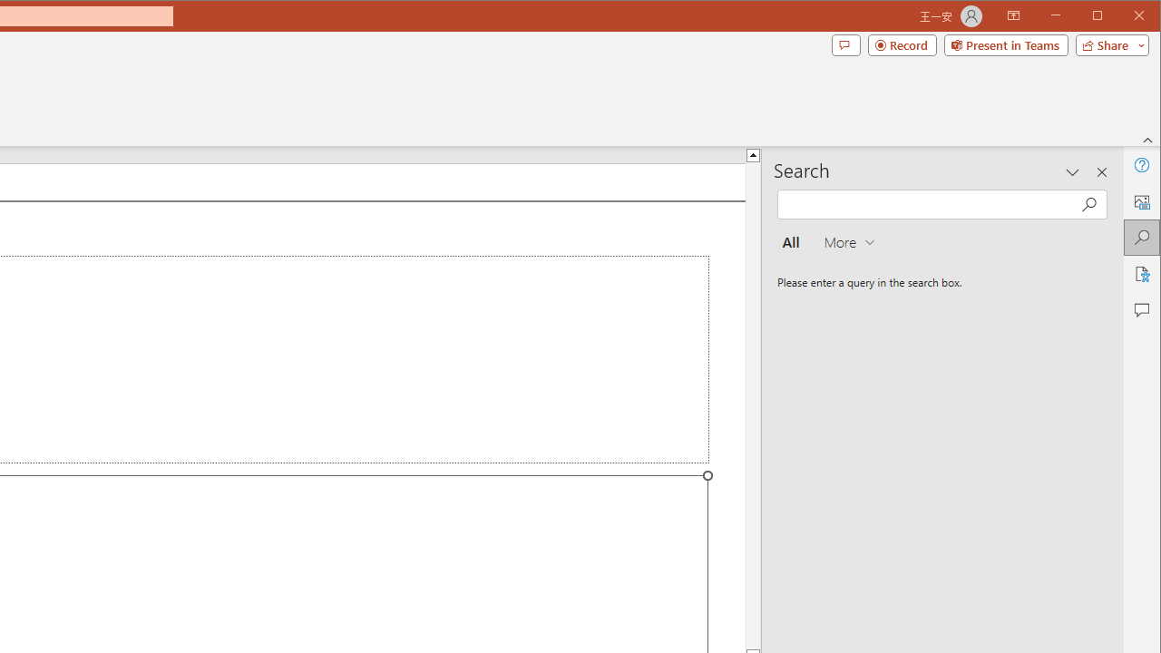  What do you see at coordinates (1140, 201) in the screenshot?
I see `'Alt Text'` at bounding box center [1140, 201].